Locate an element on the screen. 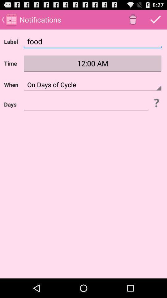  food is located at coordinates (92, 41).